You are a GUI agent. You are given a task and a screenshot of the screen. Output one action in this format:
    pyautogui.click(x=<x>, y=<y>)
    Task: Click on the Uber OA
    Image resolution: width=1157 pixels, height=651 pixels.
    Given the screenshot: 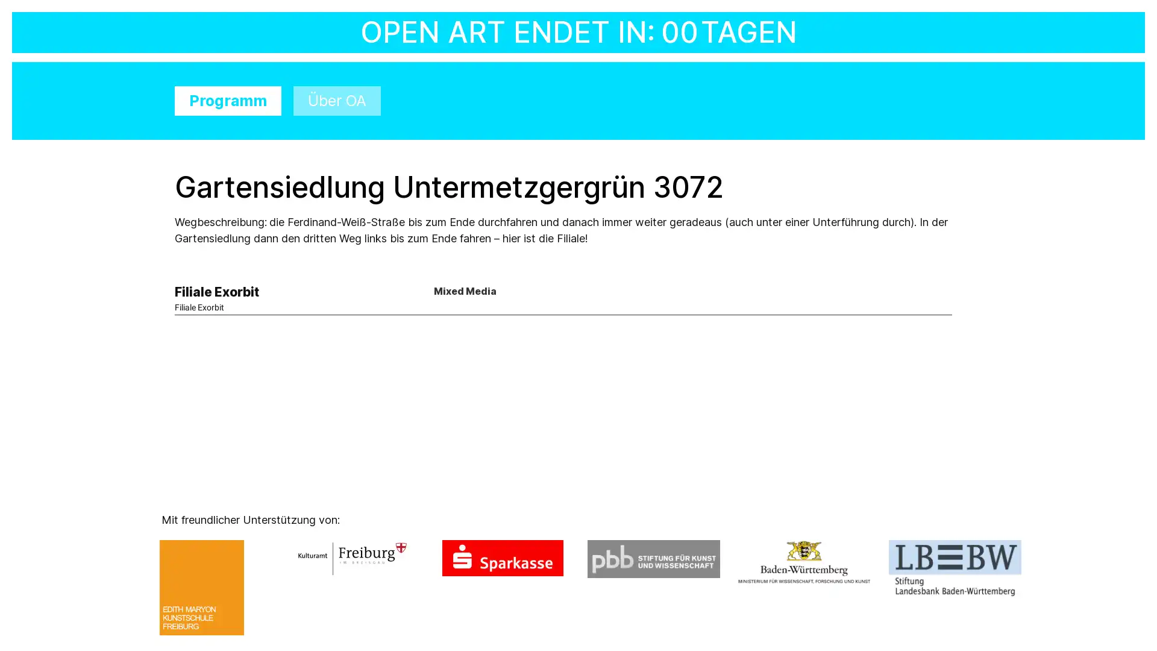 What is the action you would take?
    pyautogui.click(x=337, y=100)
    